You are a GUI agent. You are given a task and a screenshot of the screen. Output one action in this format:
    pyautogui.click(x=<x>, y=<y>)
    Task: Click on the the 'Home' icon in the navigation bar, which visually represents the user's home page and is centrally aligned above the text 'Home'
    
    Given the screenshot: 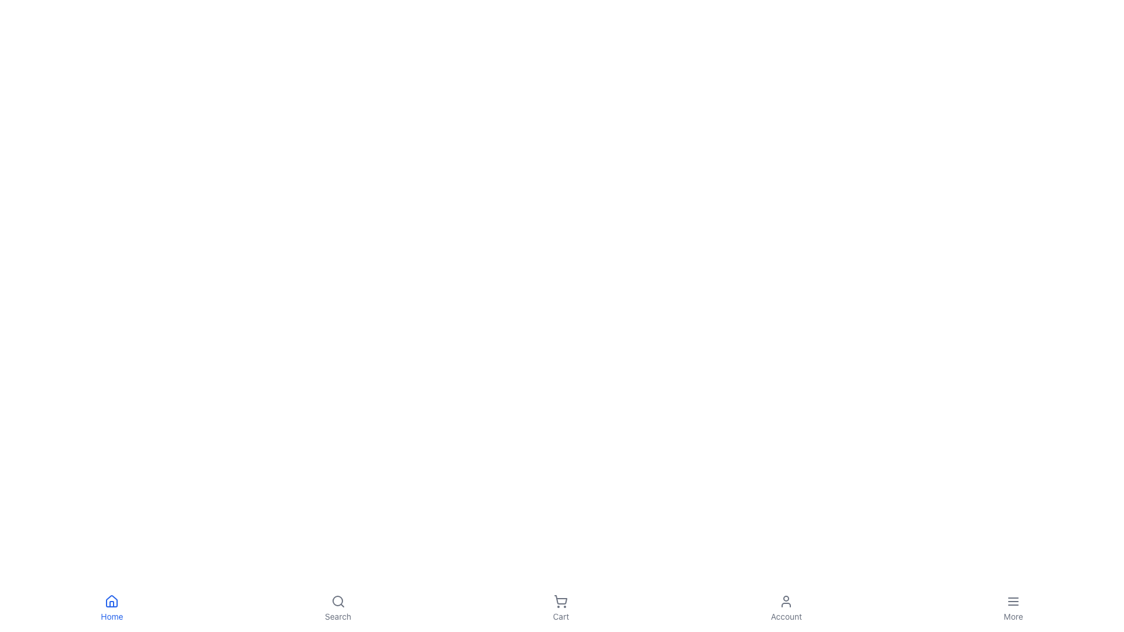 What is the action you would take?
    pyautogui.click(x=112, y=602)
    